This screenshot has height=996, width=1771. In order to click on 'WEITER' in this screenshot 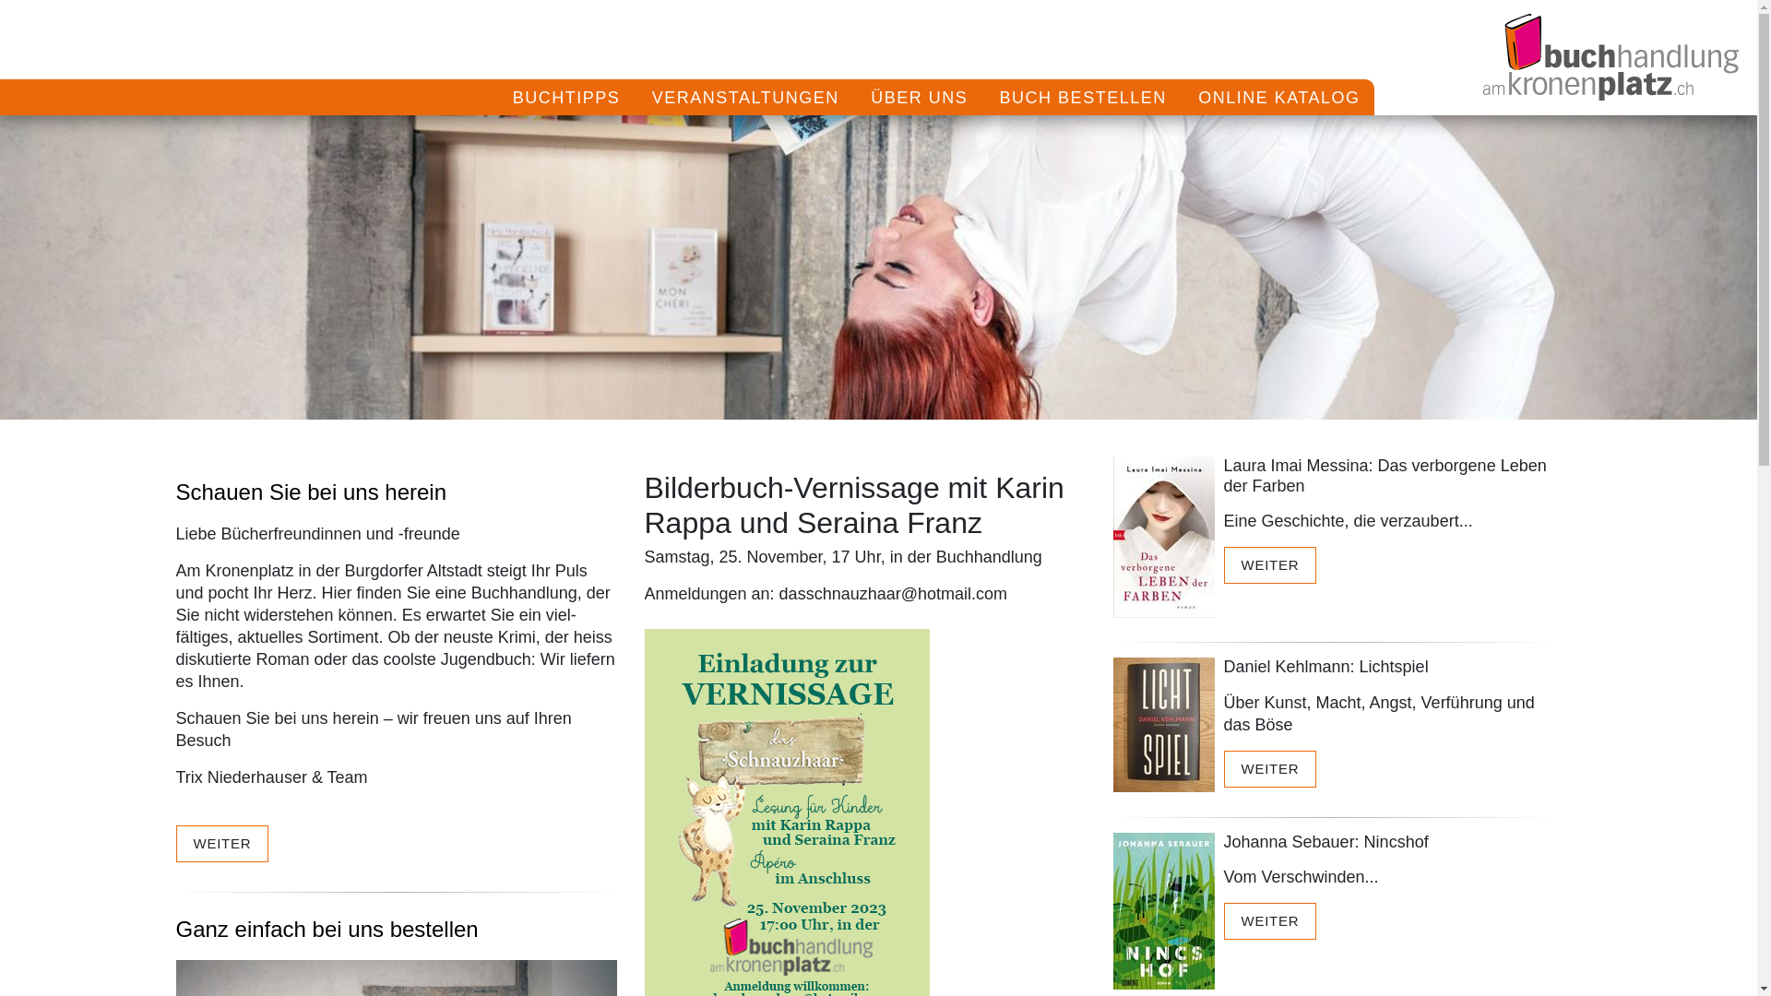, I will do `click(1268, 921)`.